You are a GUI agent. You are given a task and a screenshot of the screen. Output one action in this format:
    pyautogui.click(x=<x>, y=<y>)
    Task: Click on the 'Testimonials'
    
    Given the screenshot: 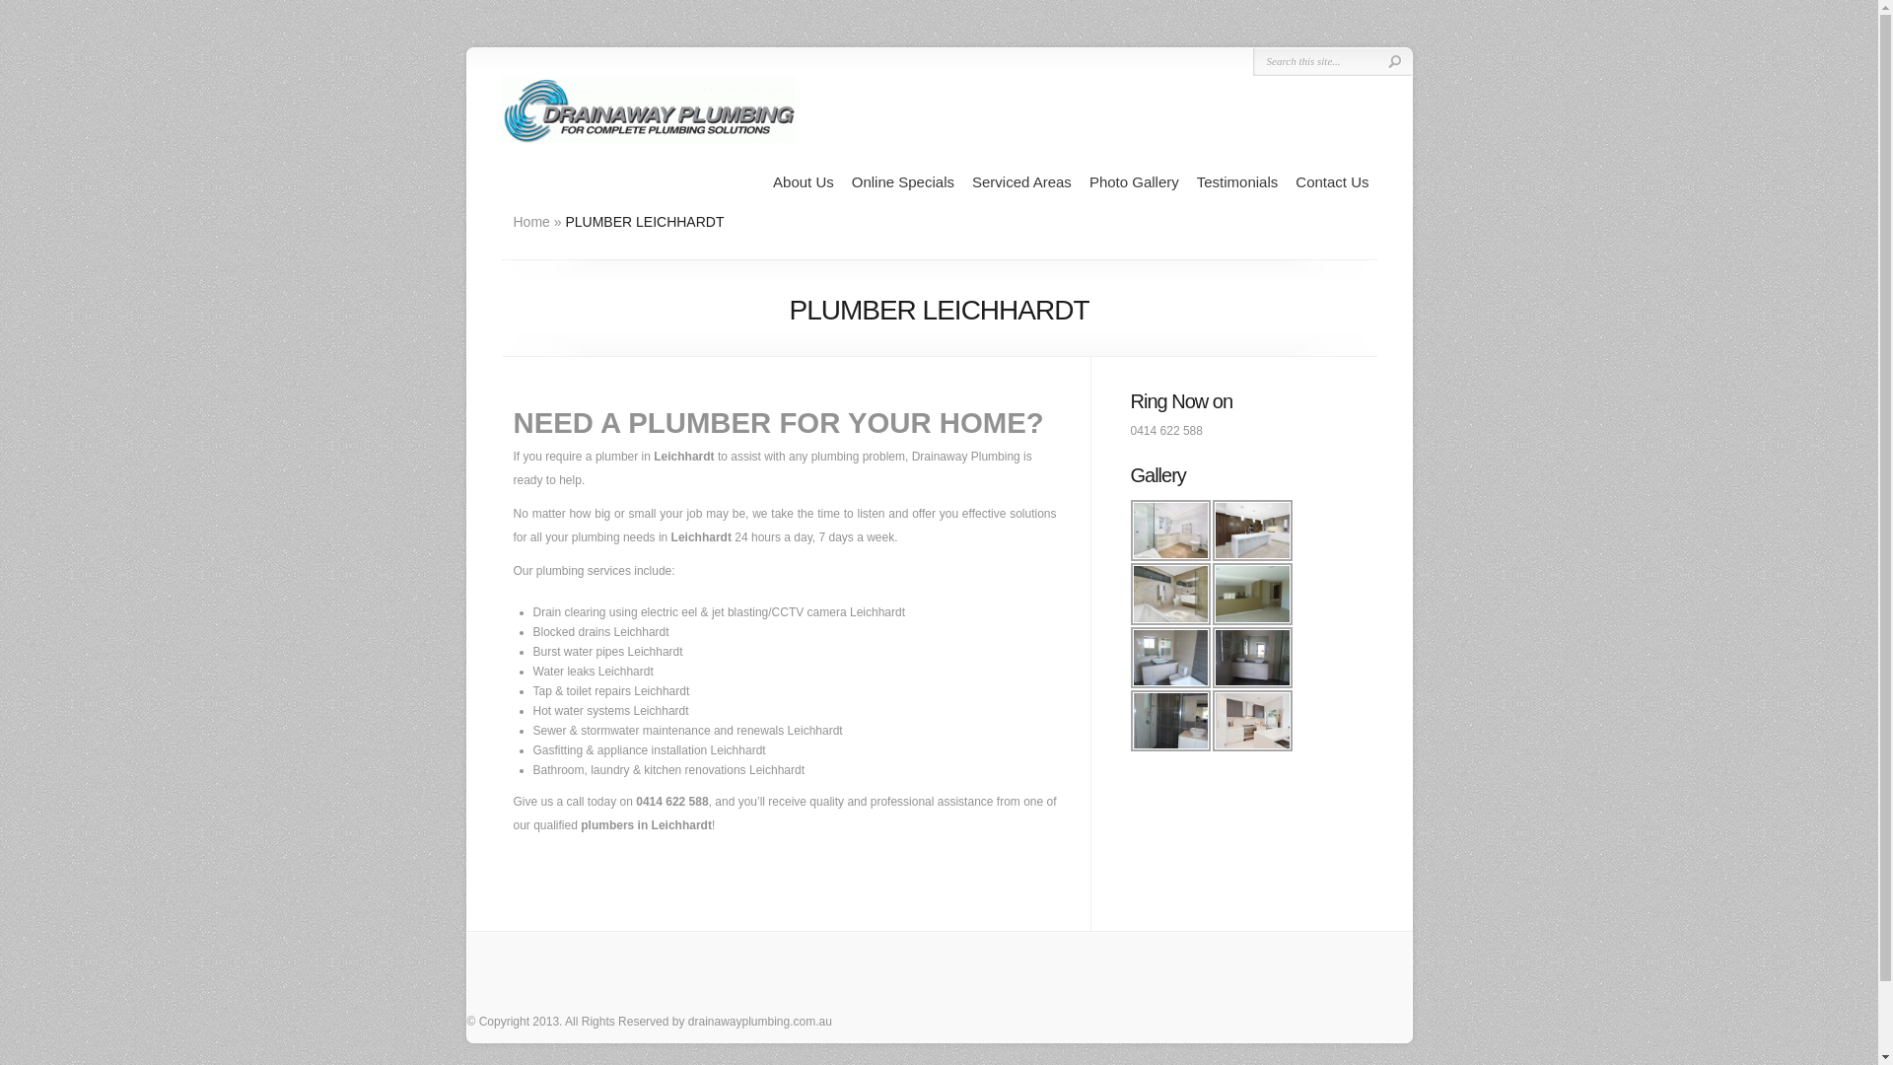 What is the action you would take?
    pyautogui.click(x=1196, y=182)
    